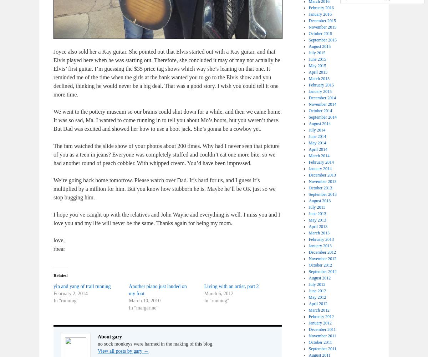  I want to click on 'June 2013', so click(317, 214).